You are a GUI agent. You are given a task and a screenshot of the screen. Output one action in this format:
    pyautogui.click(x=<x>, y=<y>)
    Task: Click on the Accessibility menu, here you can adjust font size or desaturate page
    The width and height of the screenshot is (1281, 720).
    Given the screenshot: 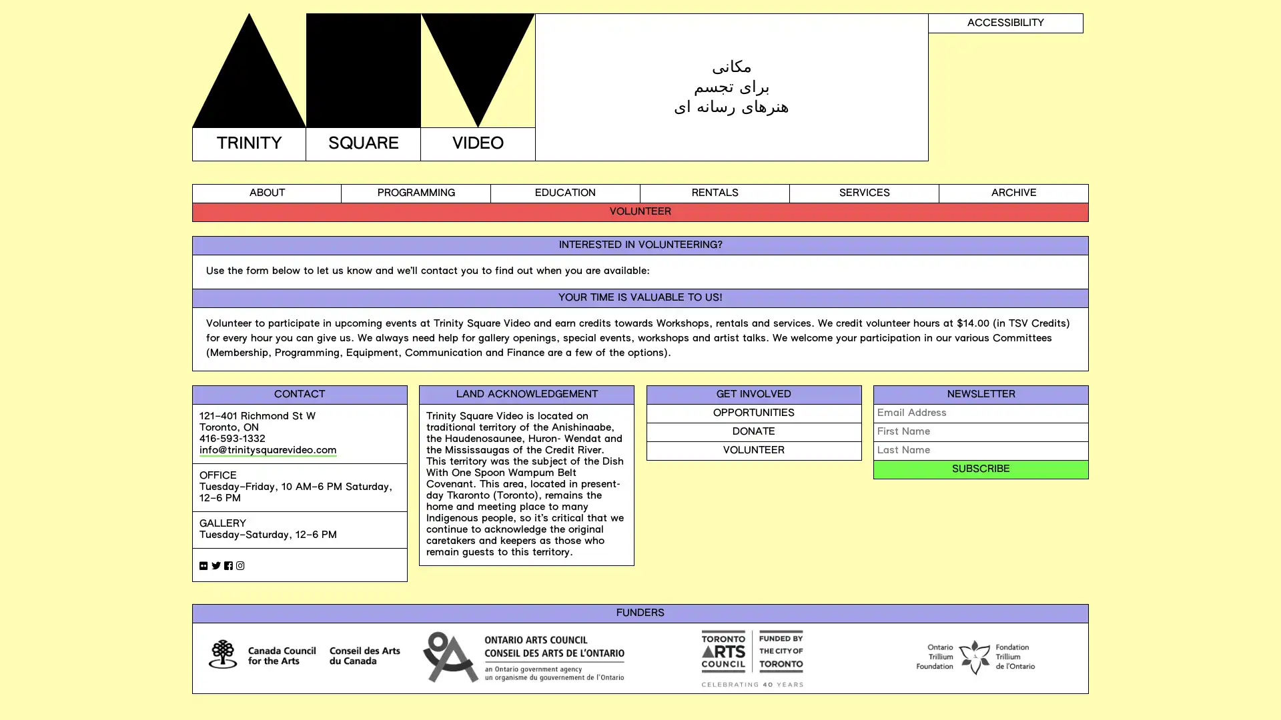 What is the action you would take?
    pyautogui.click(x=1005, y=23)
    